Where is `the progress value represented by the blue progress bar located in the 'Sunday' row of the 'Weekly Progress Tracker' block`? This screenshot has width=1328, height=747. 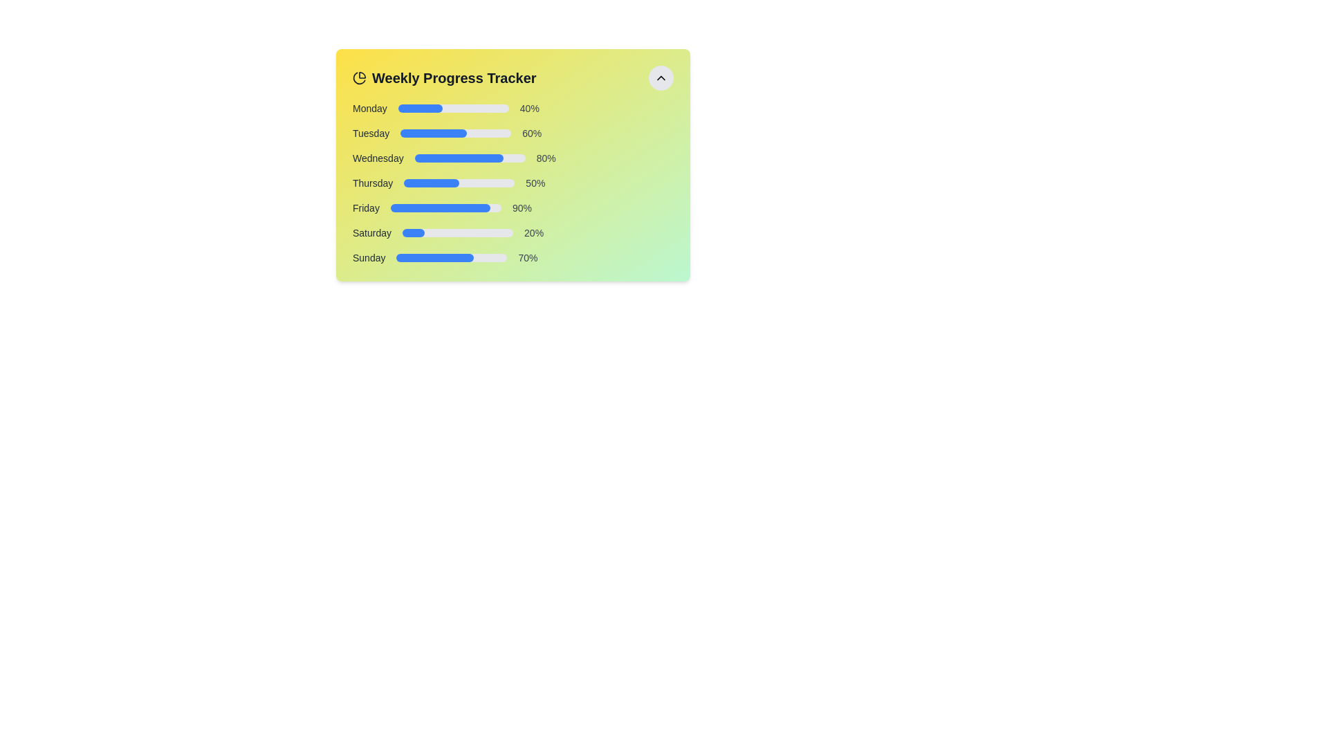
the progress value represented by the blue progress bar located in the 'Sunday' row of the 'Weekly Progress Tracker' block is located at coordinates (434, 258).